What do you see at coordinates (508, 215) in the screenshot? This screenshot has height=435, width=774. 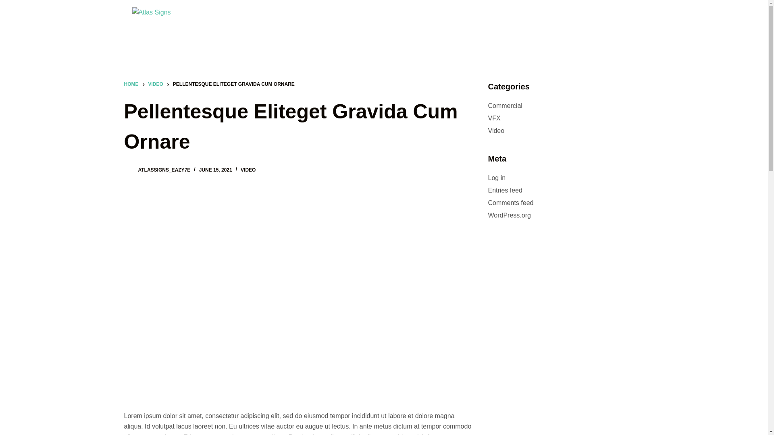 I see `'WordPress.org'` at bounding box center [508, 215].